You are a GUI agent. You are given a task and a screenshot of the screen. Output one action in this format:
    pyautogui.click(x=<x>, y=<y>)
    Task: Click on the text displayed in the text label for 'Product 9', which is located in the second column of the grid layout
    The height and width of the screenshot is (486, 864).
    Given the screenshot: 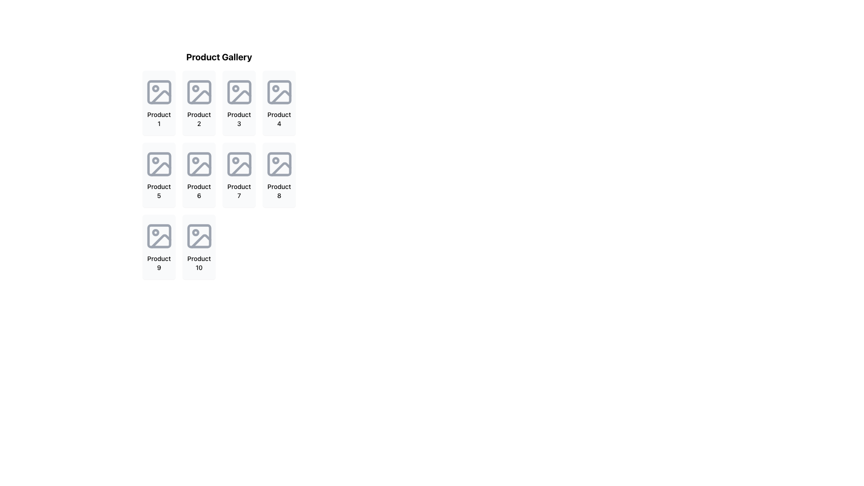 What is the action you would take?
    pyautogui.click(x=159, y=263)
    